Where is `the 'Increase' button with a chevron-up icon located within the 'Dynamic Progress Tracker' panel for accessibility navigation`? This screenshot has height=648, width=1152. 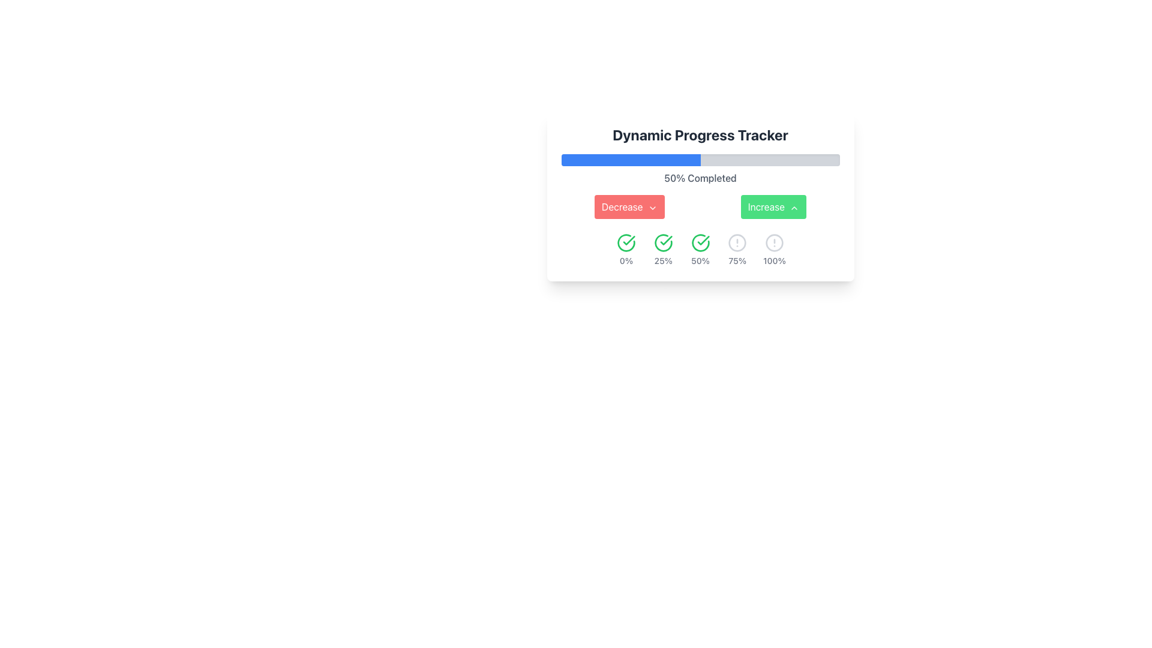
the 'Increase' button with a chevron-up icon located within the 'Dynamic Progress Tracker' panel for accessibility navigation is located at coordinates (773, 206).